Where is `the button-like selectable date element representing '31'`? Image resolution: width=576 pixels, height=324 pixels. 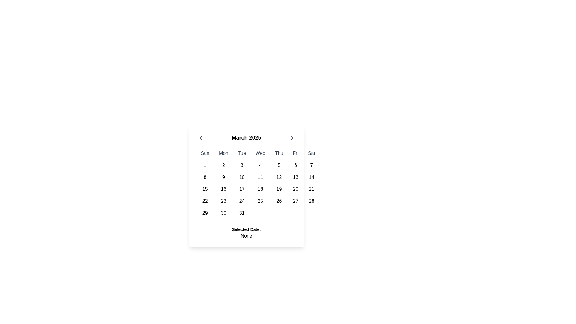
the button-like selectable date element representing '31' is located at coordinates (242, 213).